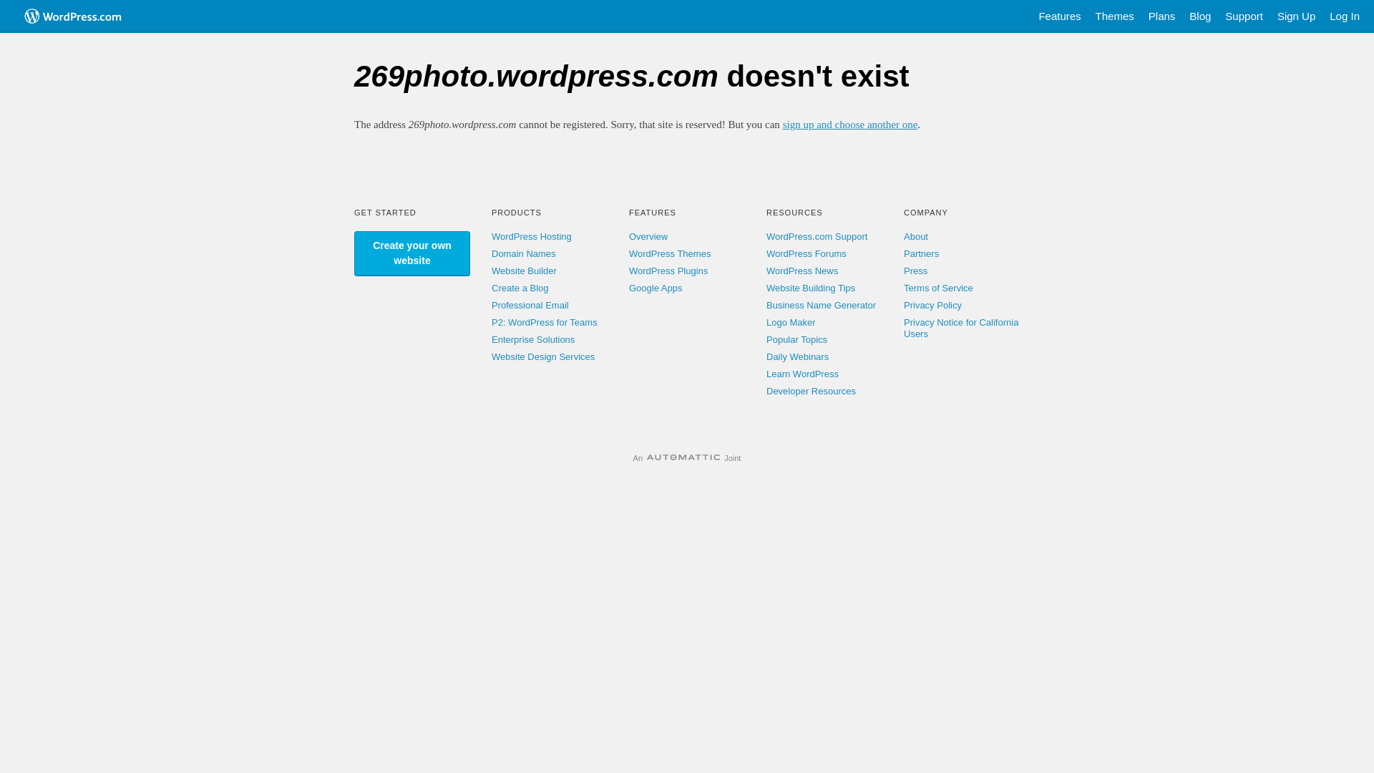  I want to click on 'Google Apps', so click(628, 288).